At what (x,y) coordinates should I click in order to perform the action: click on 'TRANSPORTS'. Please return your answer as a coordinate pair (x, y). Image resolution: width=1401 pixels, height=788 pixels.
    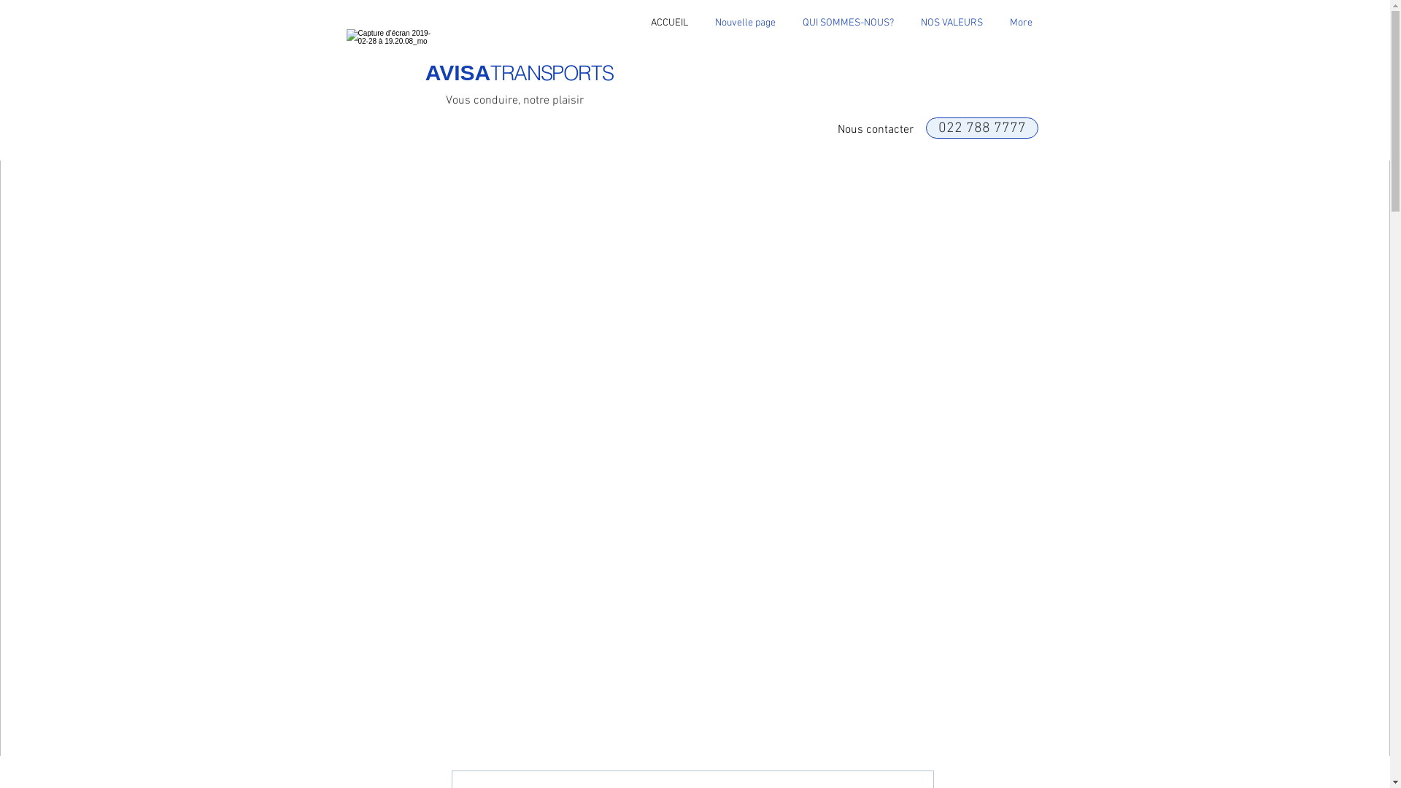
    Looking at the image, I should click on (550, 73).